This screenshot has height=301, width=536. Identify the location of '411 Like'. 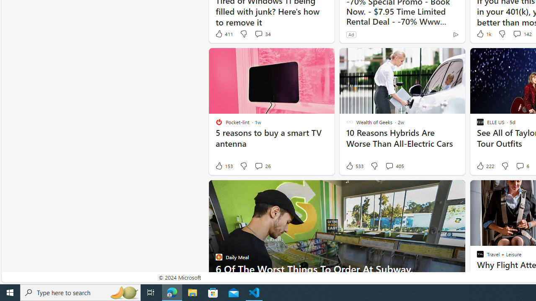
(224, 33).